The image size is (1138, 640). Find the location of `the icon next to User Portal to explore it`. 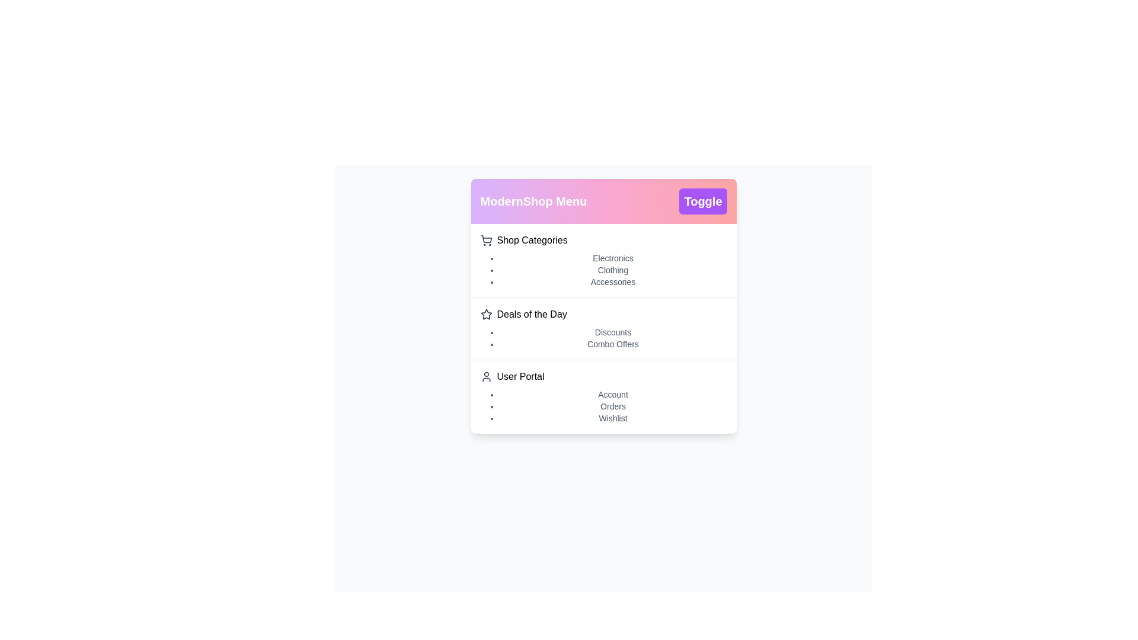

the icon next to User Portal to explore it is located at coordinates (486, 377).